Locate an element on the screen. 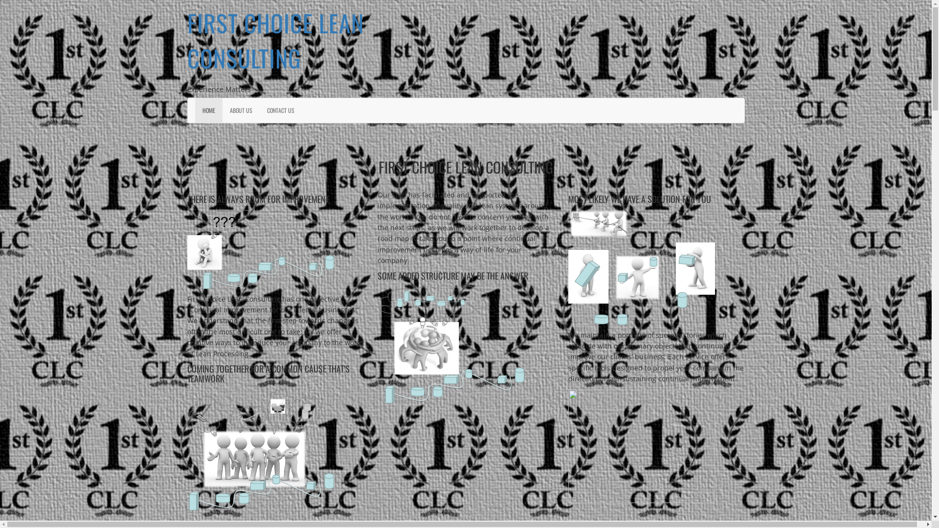  'CONTACT US' is located at coordinates (279, 110).